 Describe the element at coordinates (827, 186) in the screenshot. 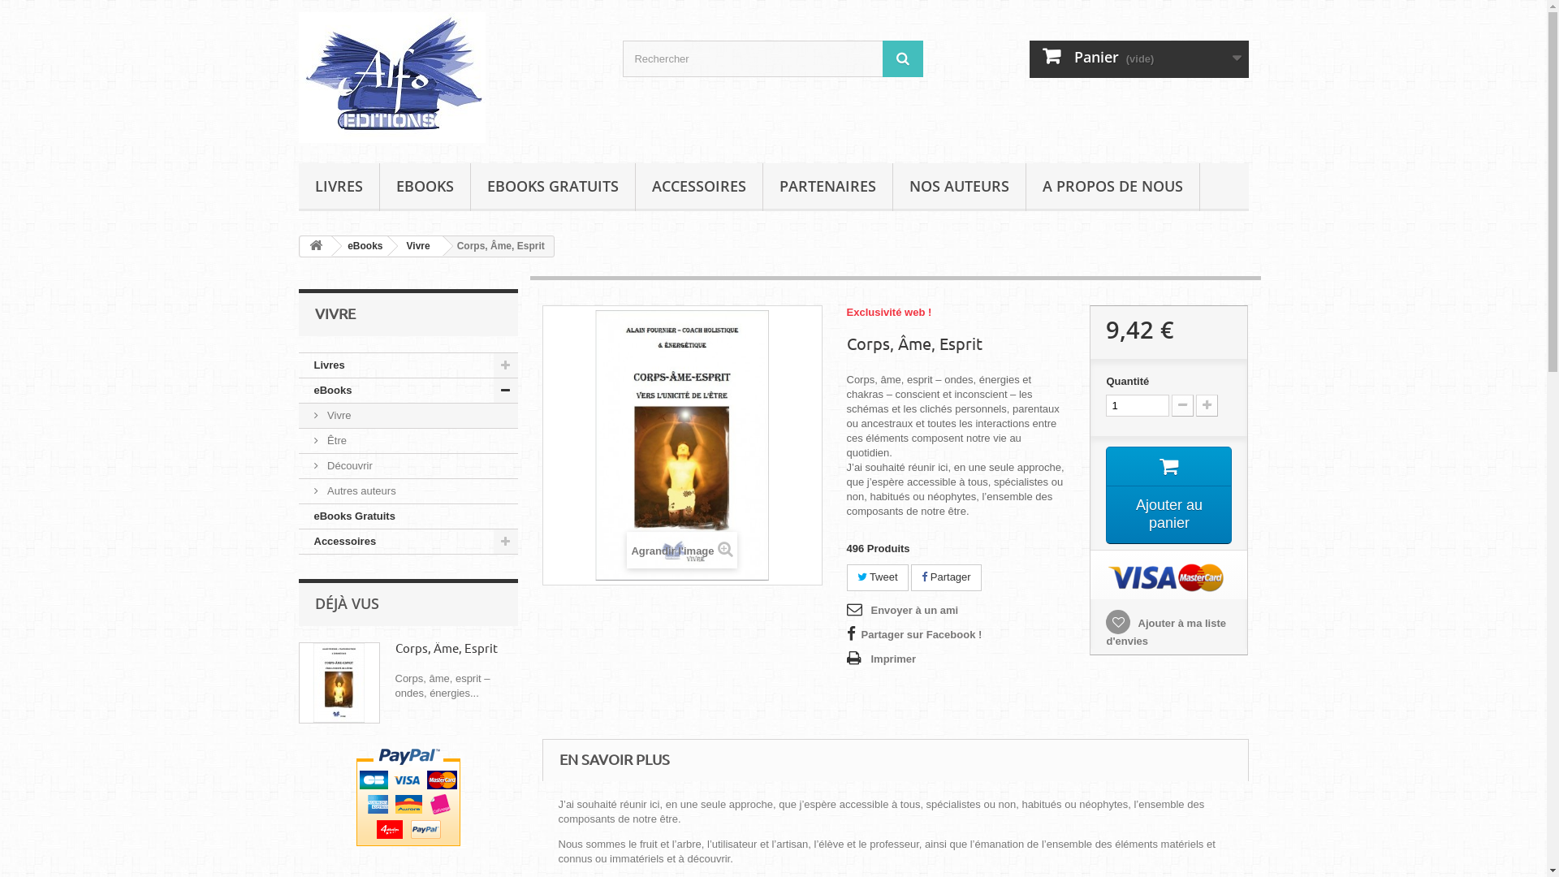

I see `'PARTENAIRES'` at that location.